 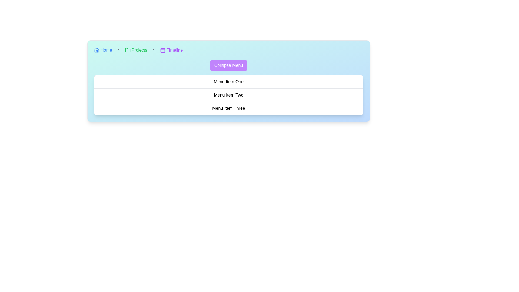 What do you see at coordinates (103, 50) in the screenshot?
I see `the hyperlink that navigates back to the main homepage, located in the top-left corner of the breadcrumb navigation bar` at bounding box center [103, 50].